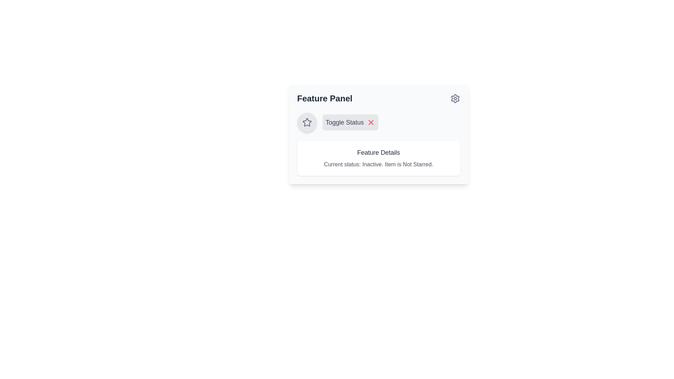 The image size is (674, 379). I want to click on the gray gear icon located, so click(455, 99).